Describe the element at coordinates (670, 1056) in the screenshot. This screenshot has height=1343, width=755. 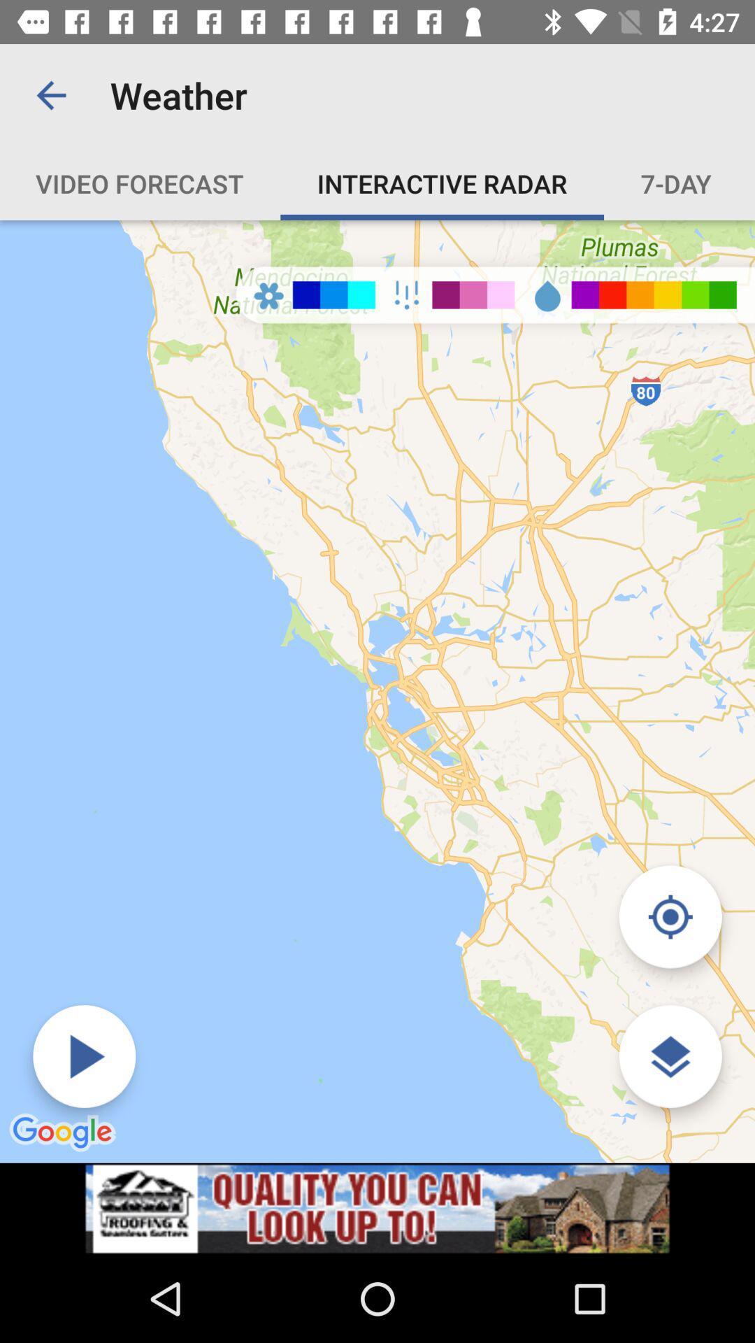
I see `the layers icon` at that location.